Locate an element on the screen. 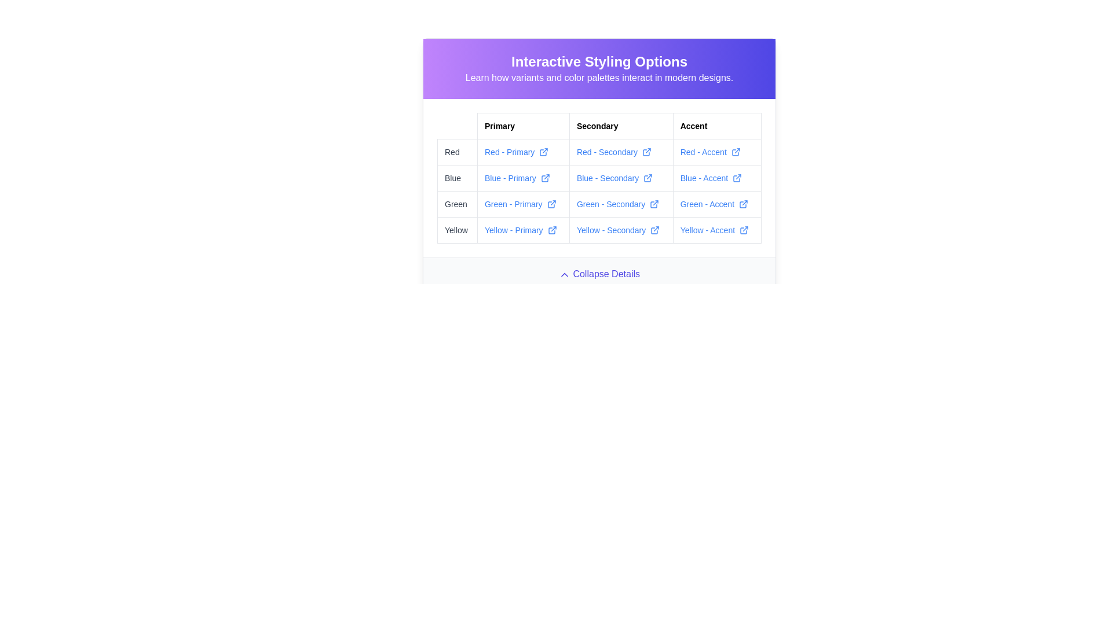 This screenshot has width=1112, height=625. the 'Red' category label located at the top left of the grid interface is located at coordinates (457, 151).